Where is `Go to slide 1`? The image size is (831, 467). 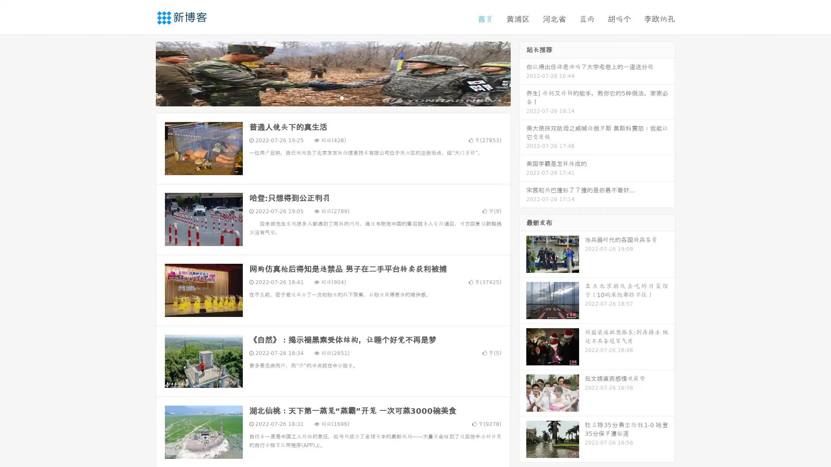 Go to slide 1 is located at coordinates (324, 97).